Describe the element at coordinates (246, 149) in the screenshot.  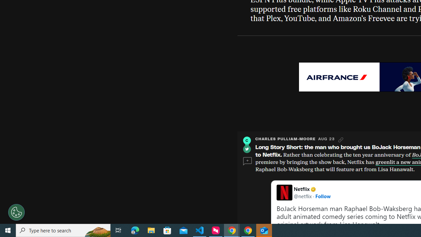
I see `'Twitter'` at that location.